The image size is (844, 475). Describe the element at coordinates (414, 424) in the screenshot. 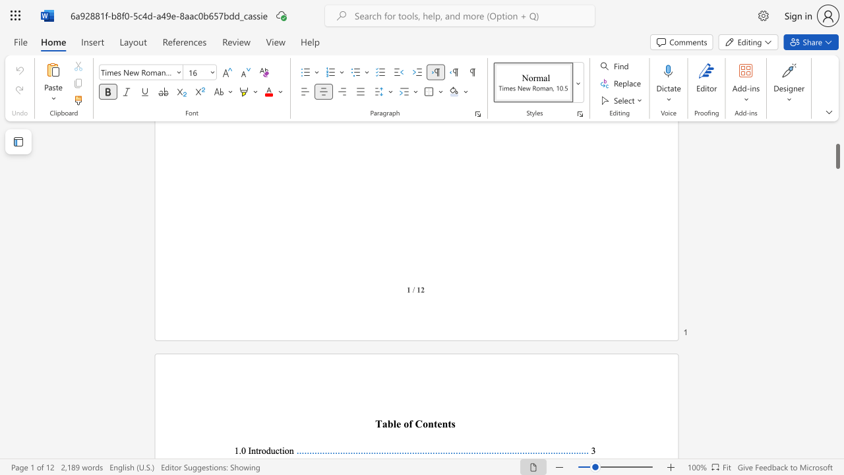

I see `the subset text "Content" within the text "able of Contents"` at that location.